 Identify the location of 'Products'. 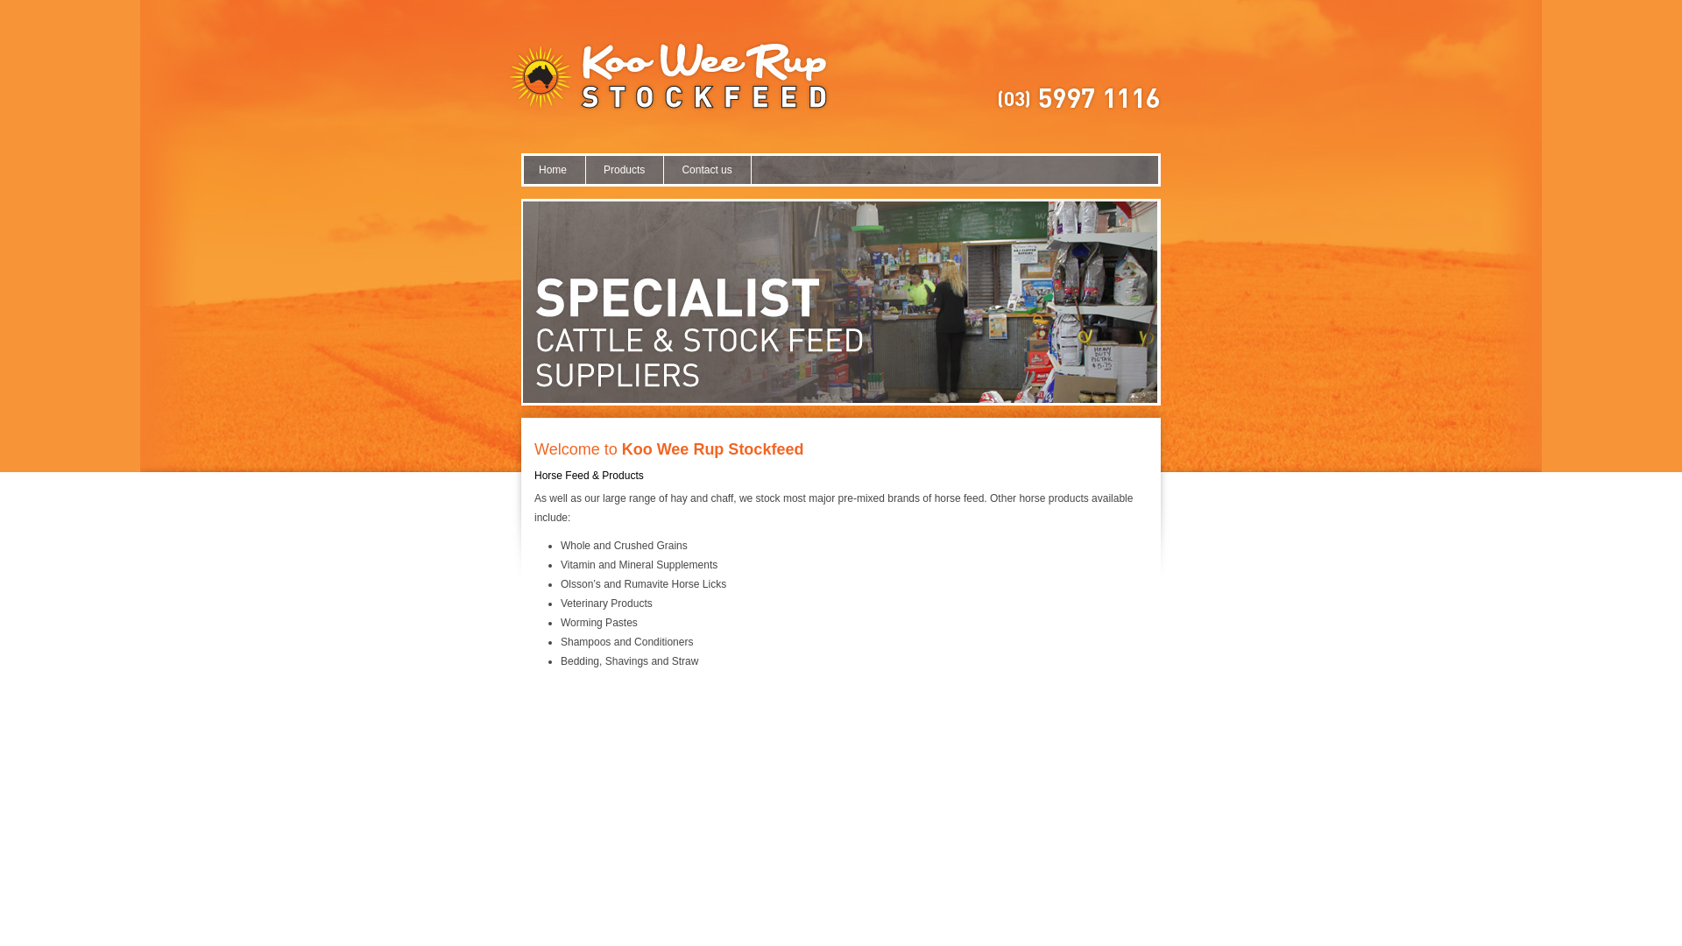
(625, 169).